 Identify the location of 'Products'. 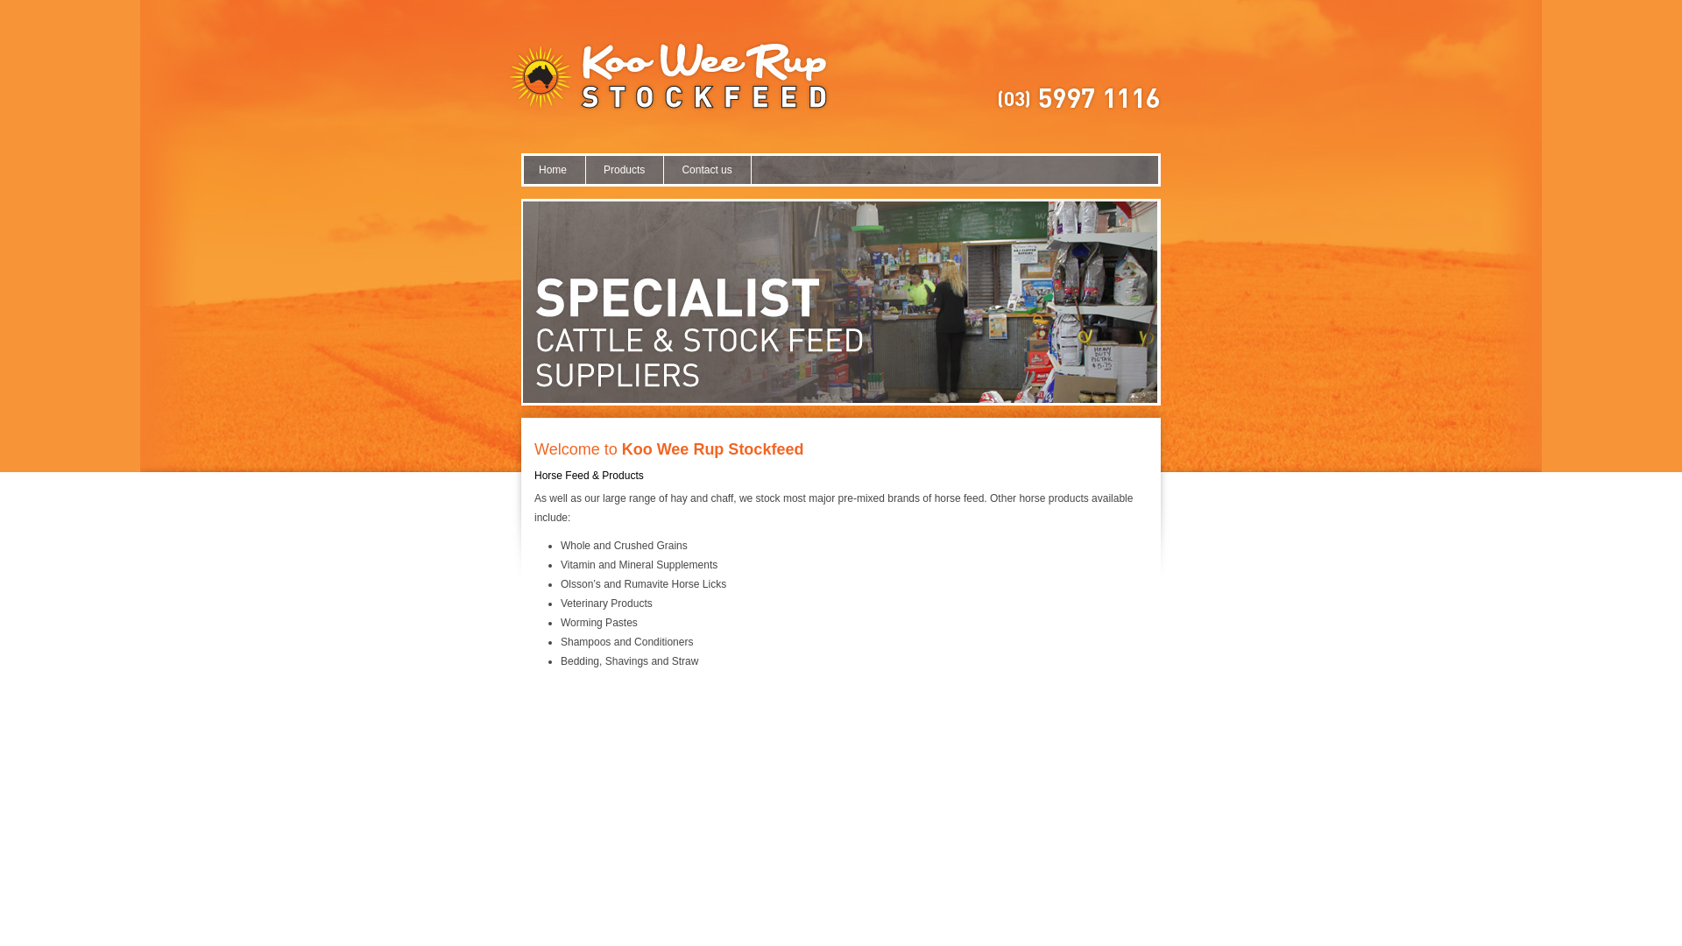
(625, 169).